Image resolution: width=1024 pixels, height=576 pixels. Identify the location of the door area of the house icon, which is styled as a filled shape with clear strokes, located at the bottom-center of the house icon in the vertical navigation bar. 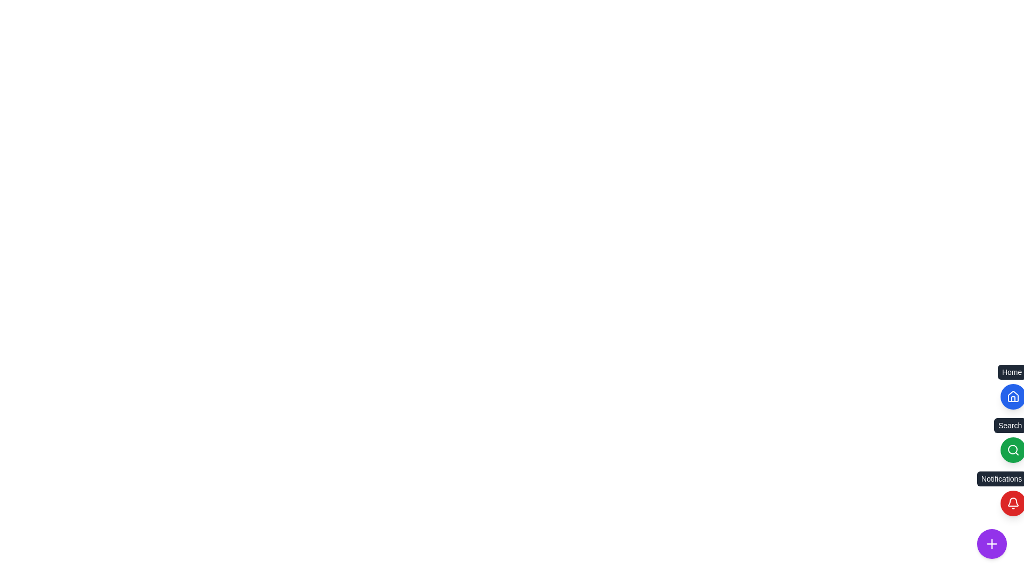
(1013, 399).